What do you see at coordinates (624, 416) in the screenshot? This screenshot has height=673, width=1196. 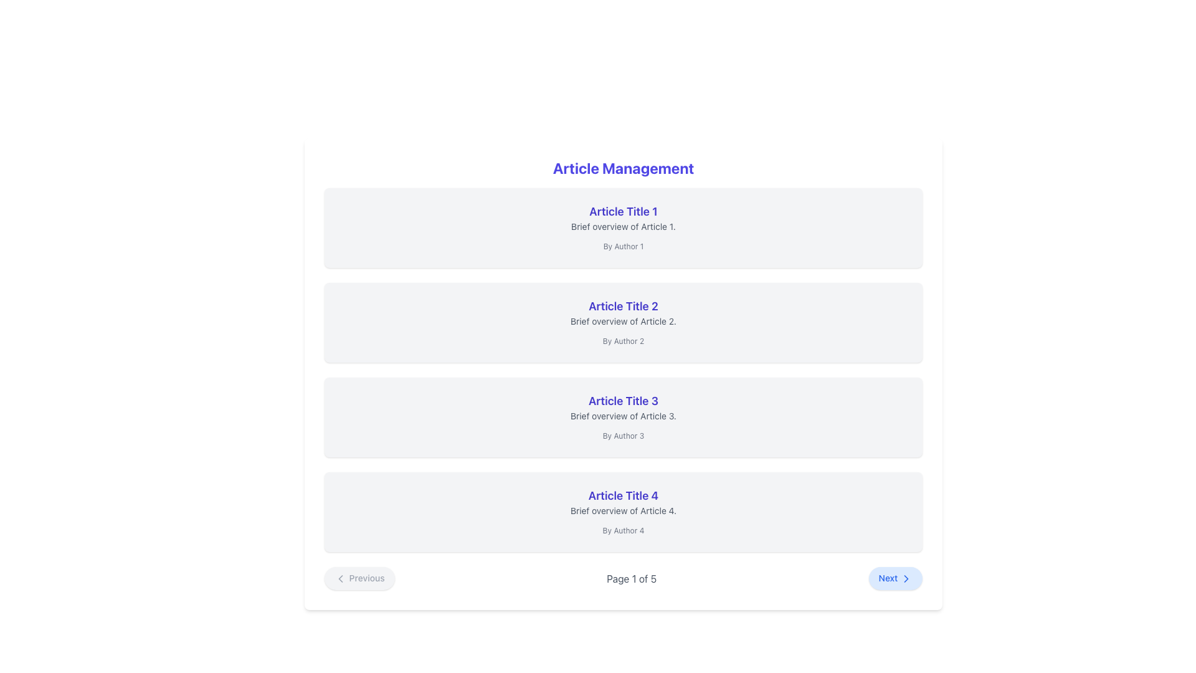 I see `the text label component that provides a summary of 'Article Title 3', which is located below the title and above the author text` at bounding box center [624, 416].